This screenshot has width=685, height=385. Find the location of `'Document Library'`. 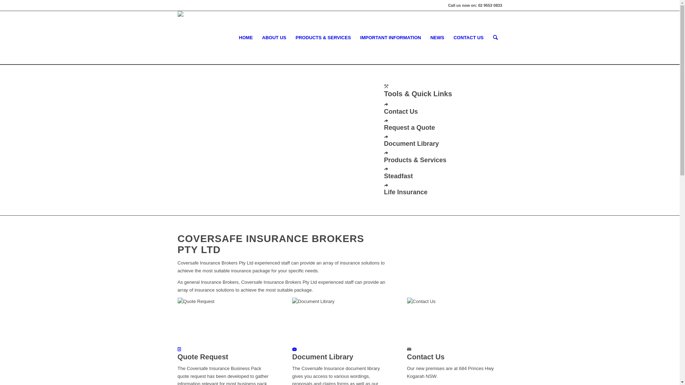

'Document Library' is located at coordinates (294, 349).